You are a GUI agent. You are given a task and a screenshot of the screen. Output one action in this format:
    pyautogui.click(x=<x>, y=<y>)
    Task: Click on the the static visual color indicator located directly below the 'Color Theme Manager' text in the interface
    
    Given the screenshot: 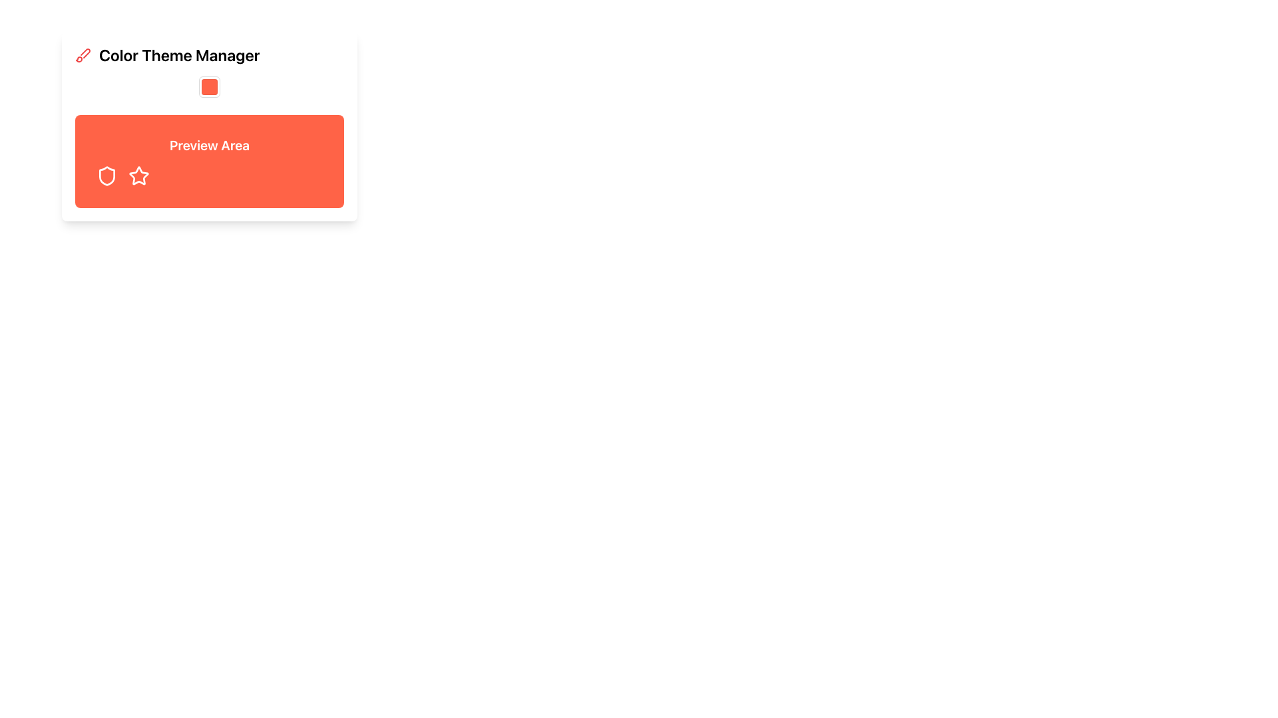 What is the action you would take?
    pyautogui.click(x=209, y=87)
    